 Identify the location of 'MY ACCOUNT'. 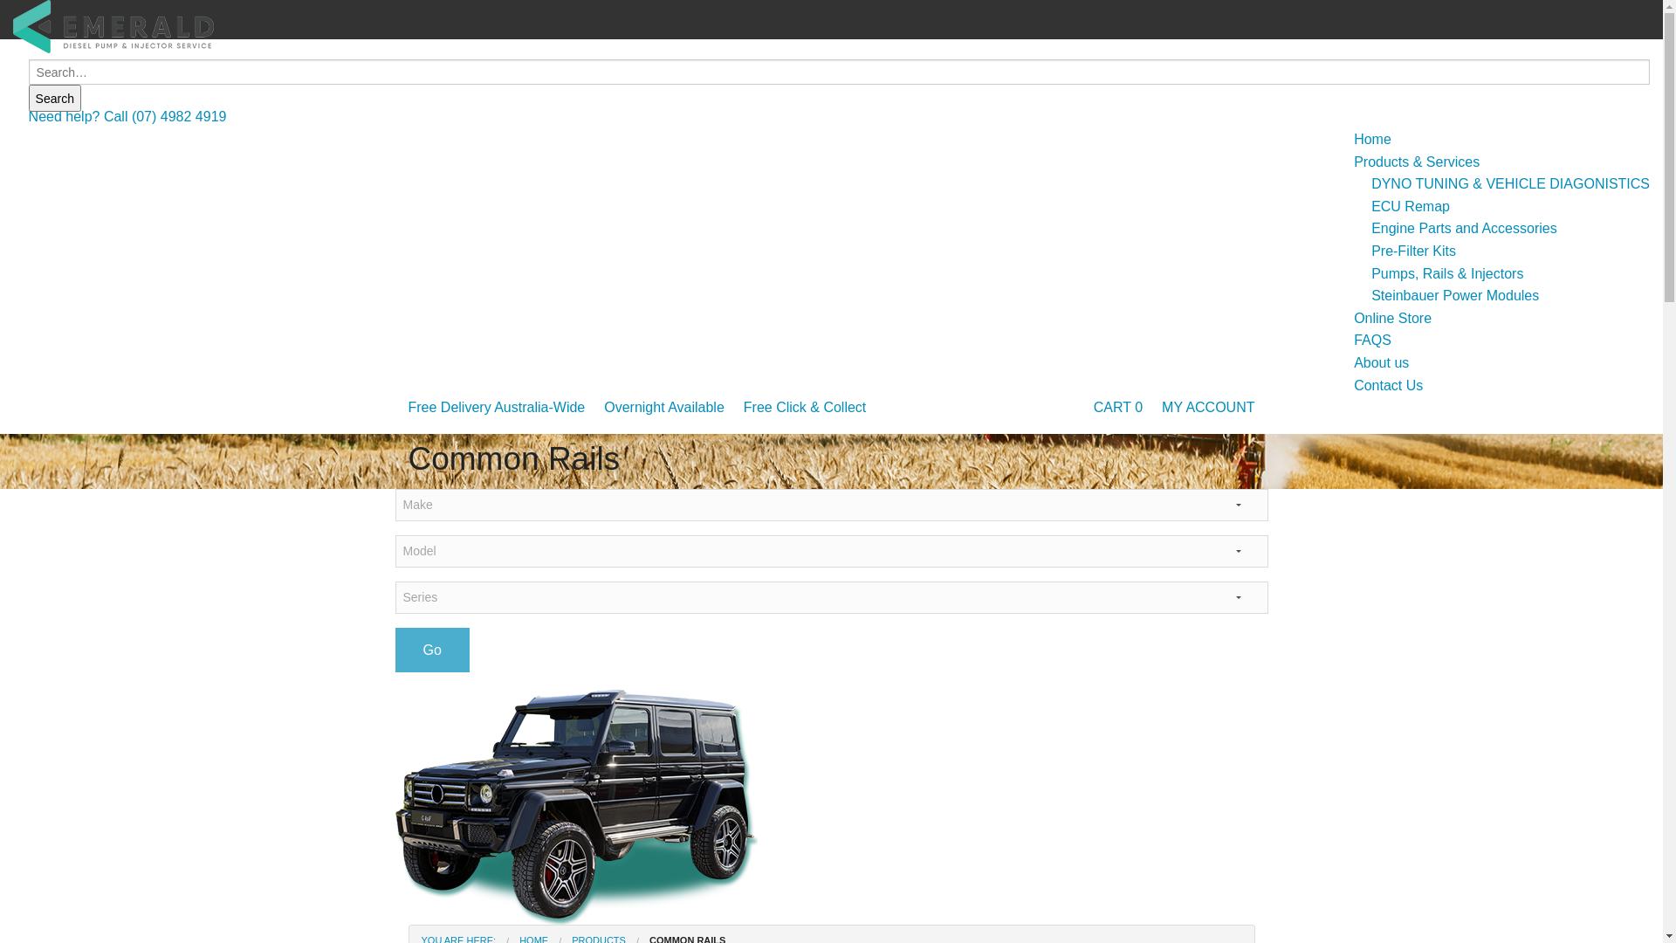
(1206, 407).